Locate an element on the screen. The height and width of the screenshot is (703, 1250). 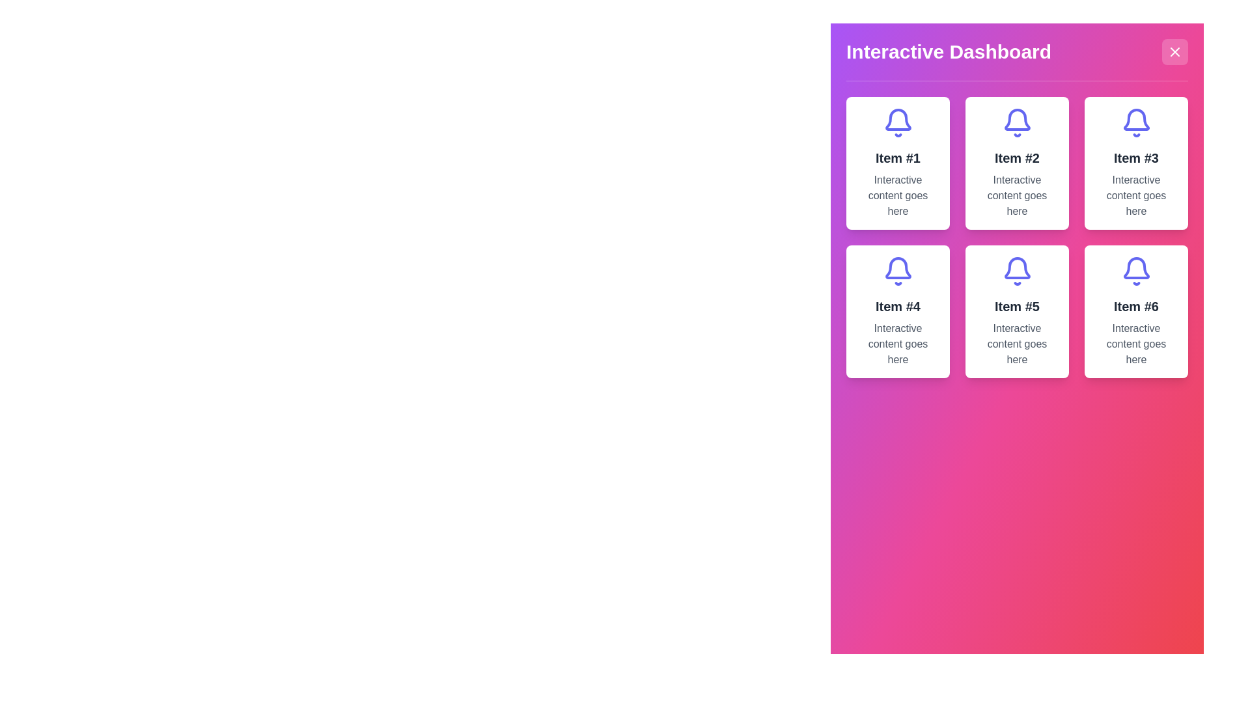
the main symbolic icon for the 'Item #5' card, which is the top-most component within the card, serving as a visual cue or branding is located at coordinates (1016, 270).